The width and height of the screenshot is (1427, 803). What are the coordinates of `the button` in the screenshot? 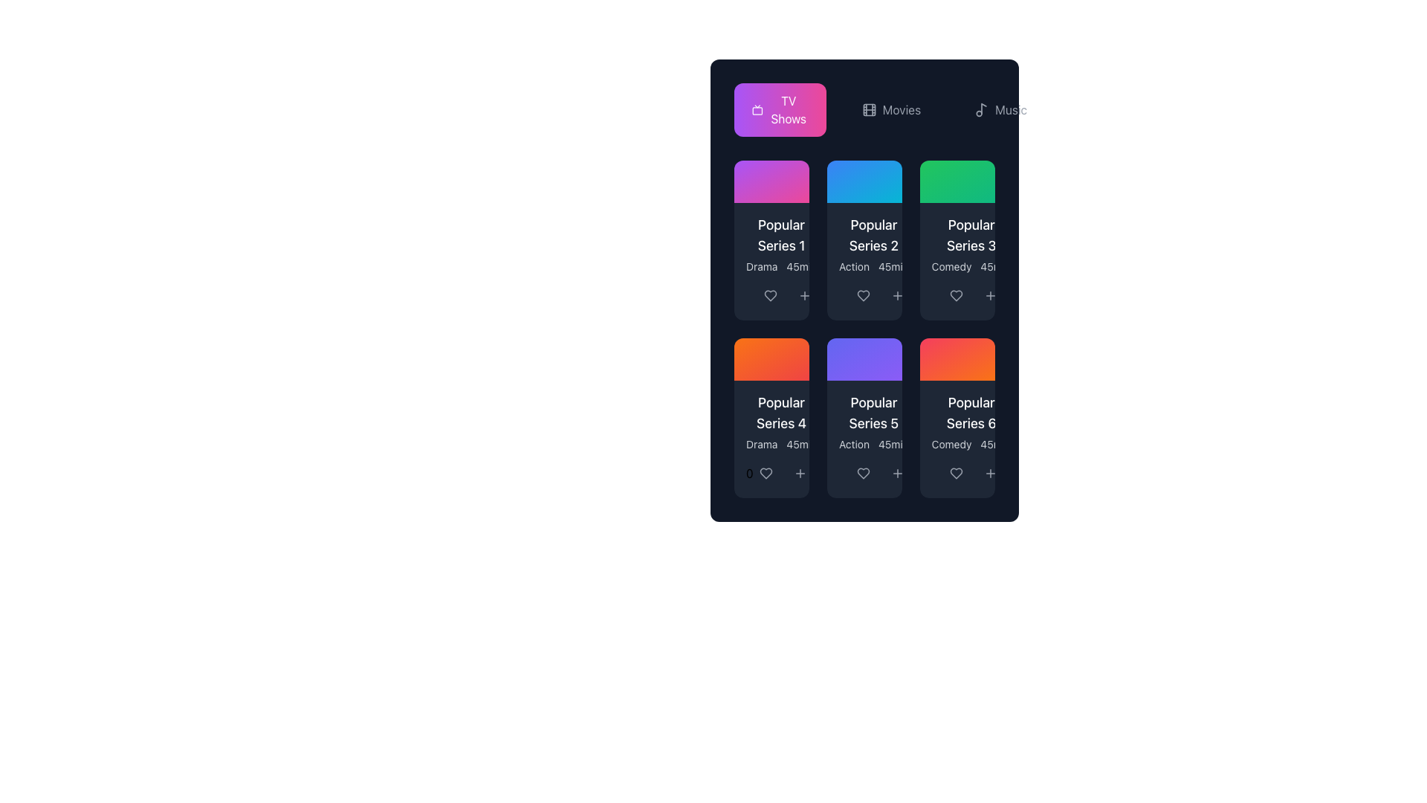 It's located at (991, 295).